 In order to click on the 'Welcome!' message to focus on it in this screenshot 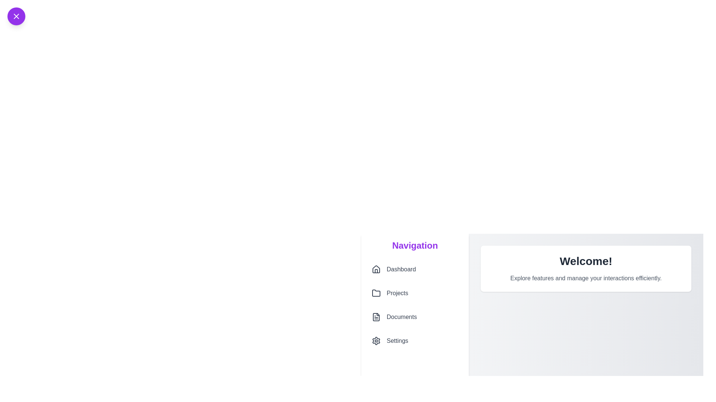, I will do `click(585, 261)`.